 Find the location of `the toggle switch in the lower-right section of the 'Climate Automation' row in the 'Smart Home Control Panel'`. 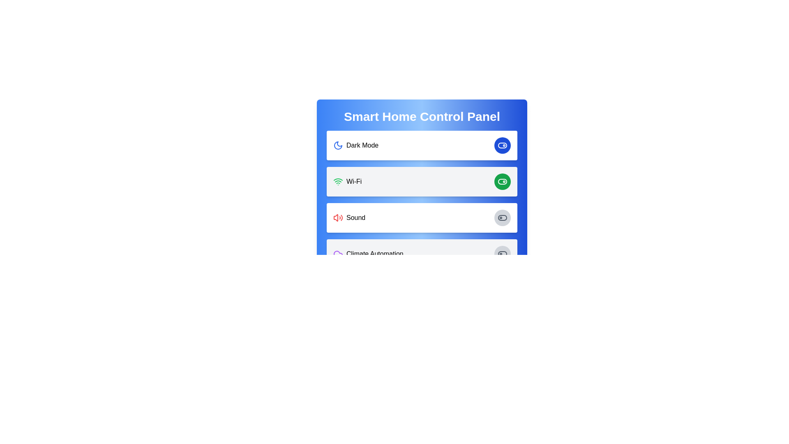

the toggle switch in the lower-right section of the 'Climate Automation' row in the 'Smart Home Control Panel' is located at coordinates (502, 253).